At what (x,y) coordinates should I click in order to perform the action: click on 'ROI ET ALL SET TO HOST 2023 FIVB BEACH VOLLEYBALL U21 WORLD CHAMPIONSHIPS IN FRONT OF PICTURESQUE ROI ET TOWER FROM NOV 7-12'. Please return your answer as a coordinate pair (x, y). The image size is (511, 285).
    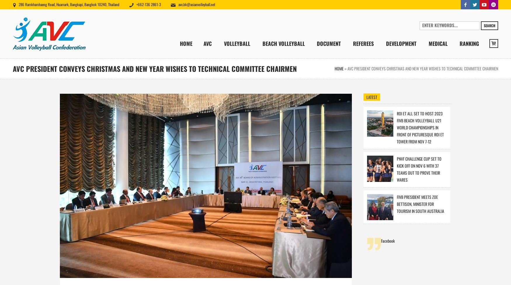
    Looking at the image, I should click on (420, 127).